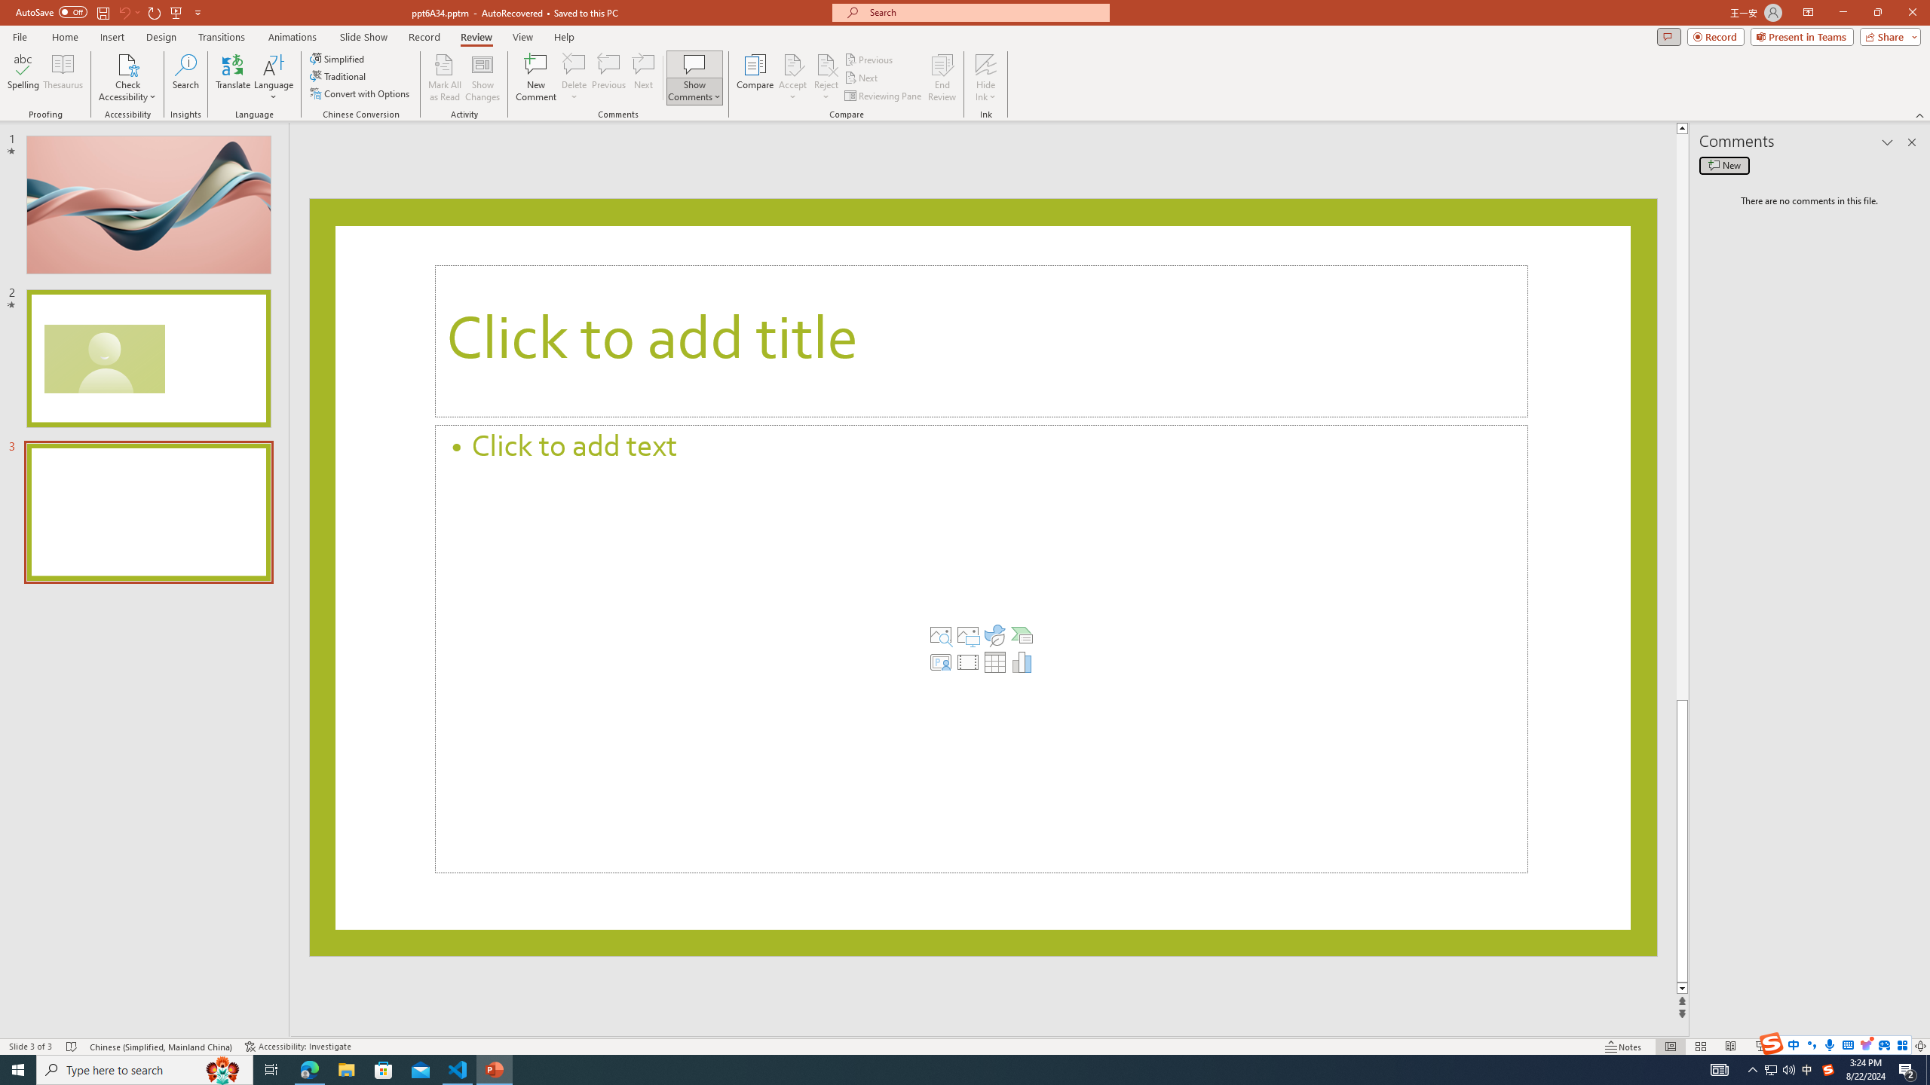 The width and height of the screenshot is (1930, 1085). What do you see at coordinates (360, 92) in the screenshot?
I see `'Convert with Options...'` at bounding box center [360, 92].